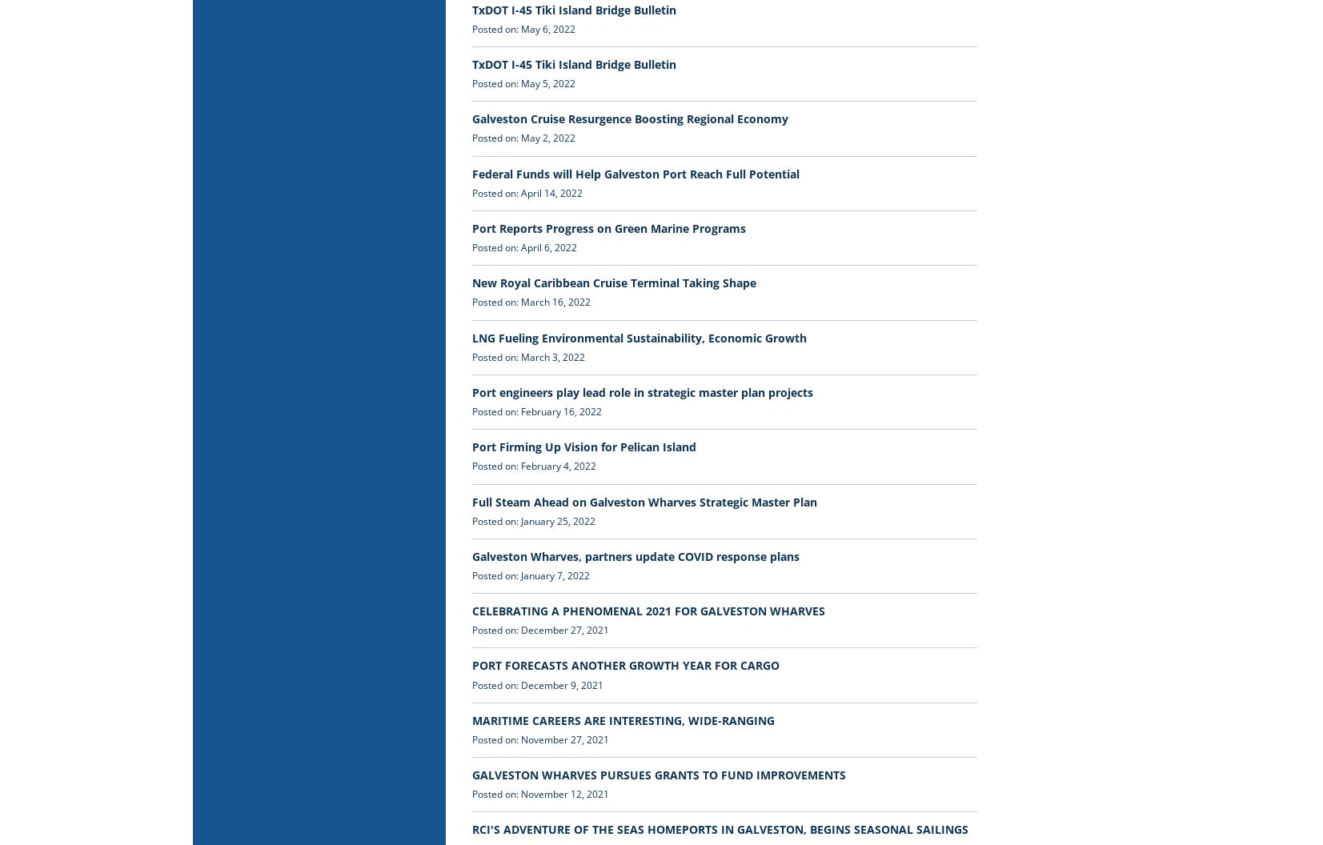  I want to click on 'Galveston Cruise Resurgence Boosting Regional Economy', so click(629, 118).